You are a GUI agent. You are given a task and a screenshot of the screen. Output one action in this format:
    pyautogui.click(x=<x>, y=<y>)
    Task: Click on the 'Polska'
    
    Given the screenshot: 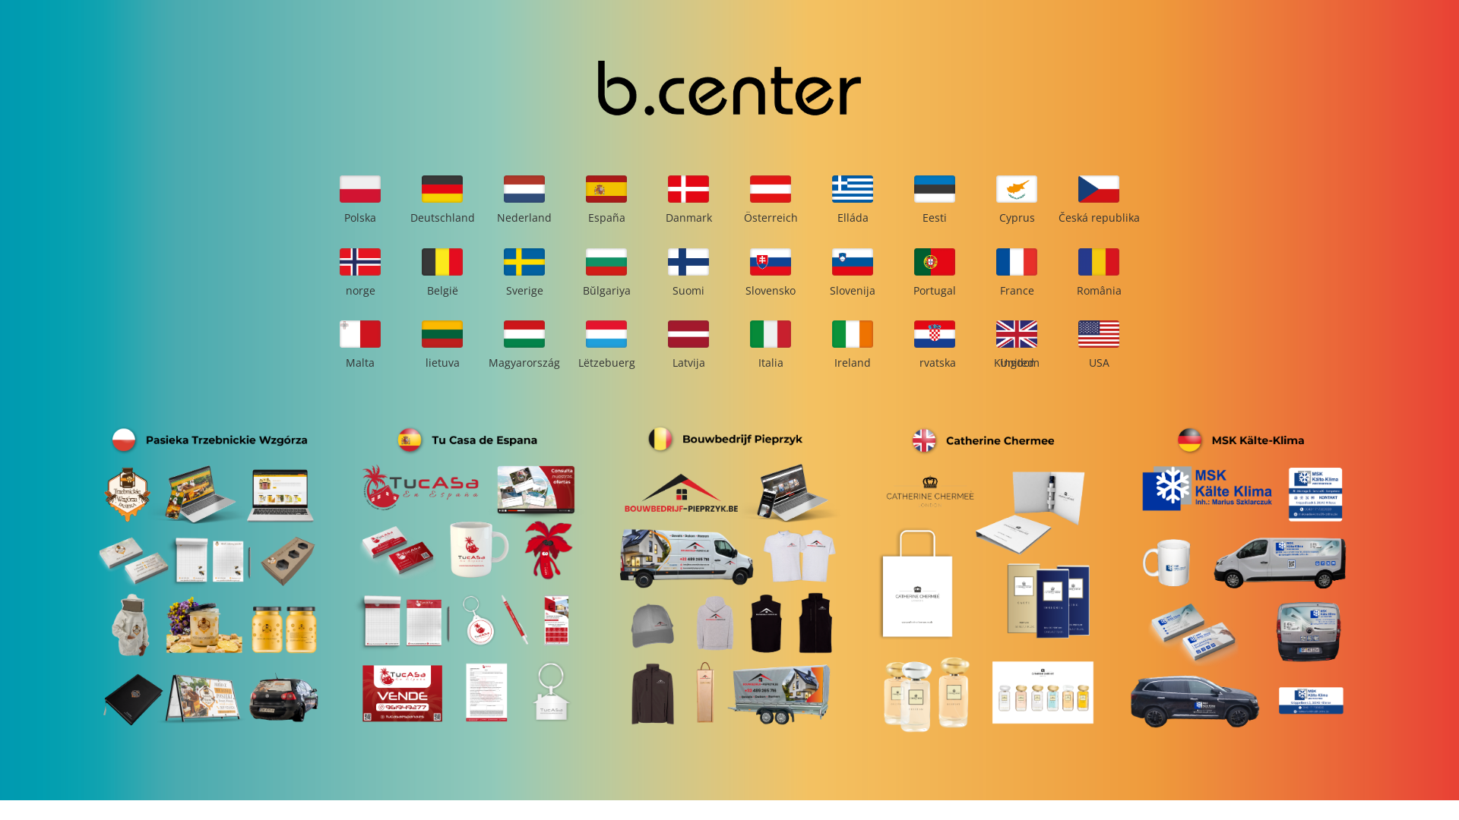 What is the action you would take?
    pyautogui.click(x=343, y=217)
    